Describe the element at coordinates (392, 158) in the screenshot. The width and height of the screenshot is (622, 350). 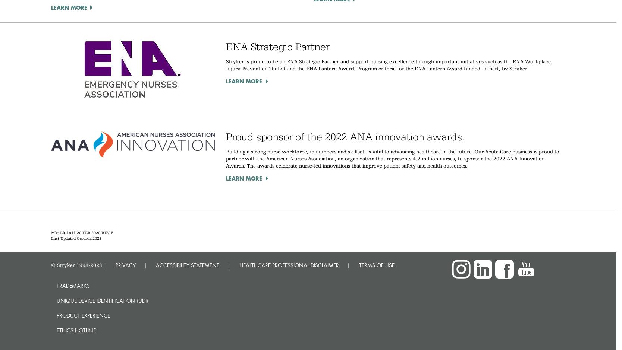
I see `'Building a strong nurse workforce, in numbers and skillset, is vital to advancing healthcare in the future. Our Acute Care business is proud to partner with the American Nurses Association, an organization that represents 4.2 million nurses, to sponsor the 2022 ANA Innovation Awards. The awards celebrate nurse-led innovations that improve patient safety and health outcomes.'` at that location.